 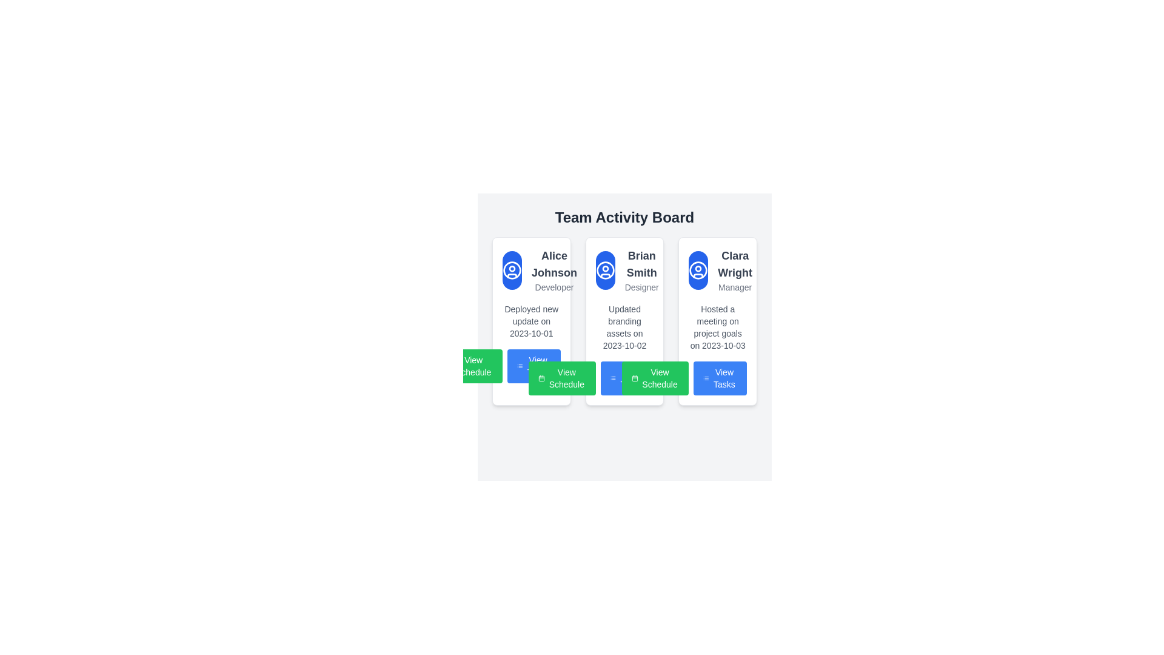 What do you see at coordinates (698, 270) in the screenshot?
I see `the circular vector graphic component that represents the profile icon in the 'Brian Smith' user card` at bounding box center [698, 270].